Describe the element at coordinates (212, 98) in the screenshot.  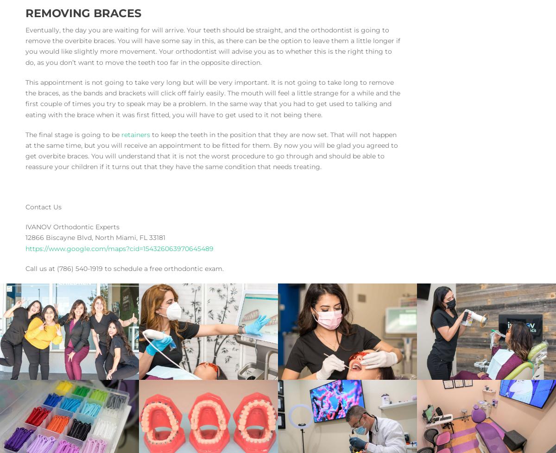
I see `'This appointment is not going to take very long but will be very important. It is not going to take long to remove the braces, as the bands and brackets will click off fairly easily. The mouth will feel a little strange for a while and the first couple of times you try to speak may be a problem. In the same way that you had to get used to talking and eating with the brace when it was first fitted, you will have to get used to it not being there.'` at that location.